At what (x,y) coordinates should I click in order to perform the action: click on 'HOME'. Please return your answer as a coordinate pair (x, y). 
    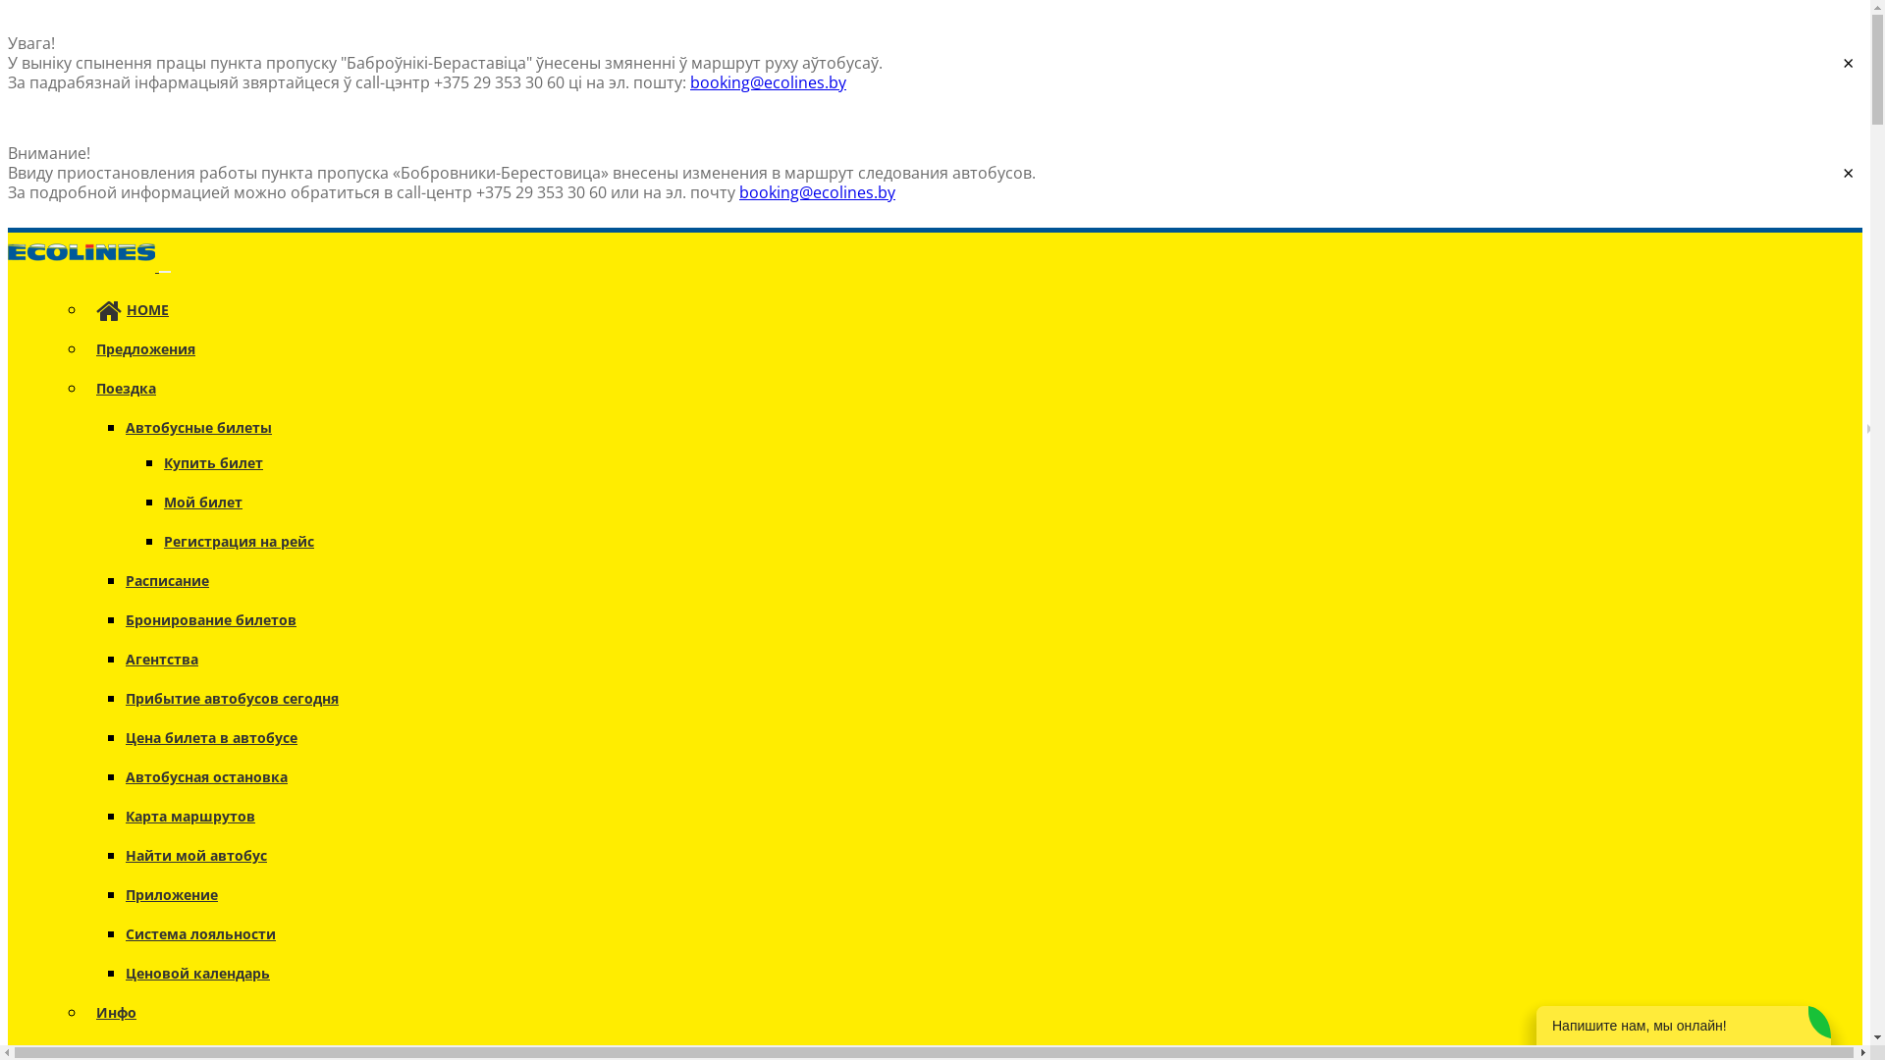
    Looking at the image, I should click on (131, 309).